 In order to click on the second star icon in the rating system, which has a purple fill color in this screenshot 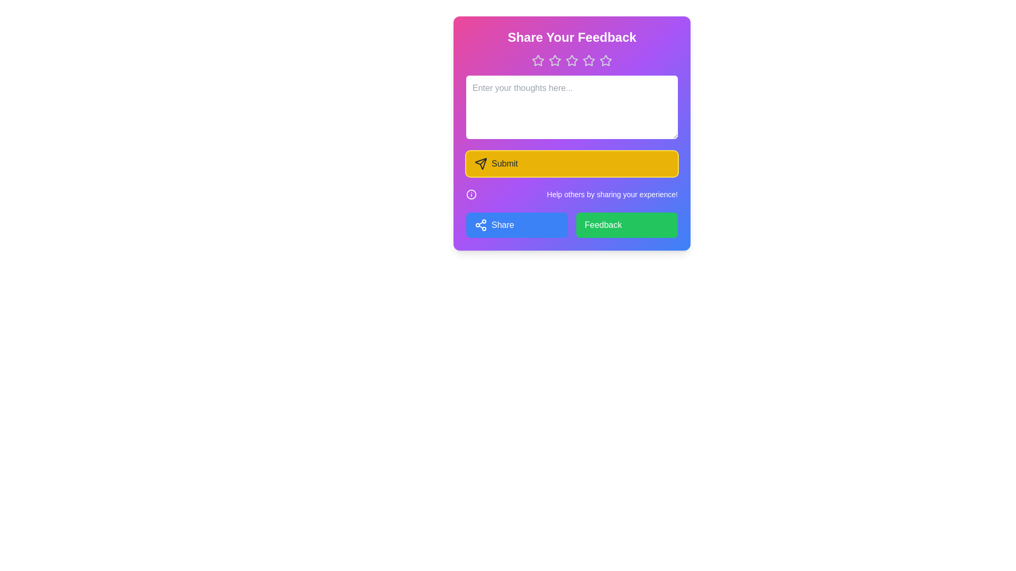, I will do `click(555, 60)`.